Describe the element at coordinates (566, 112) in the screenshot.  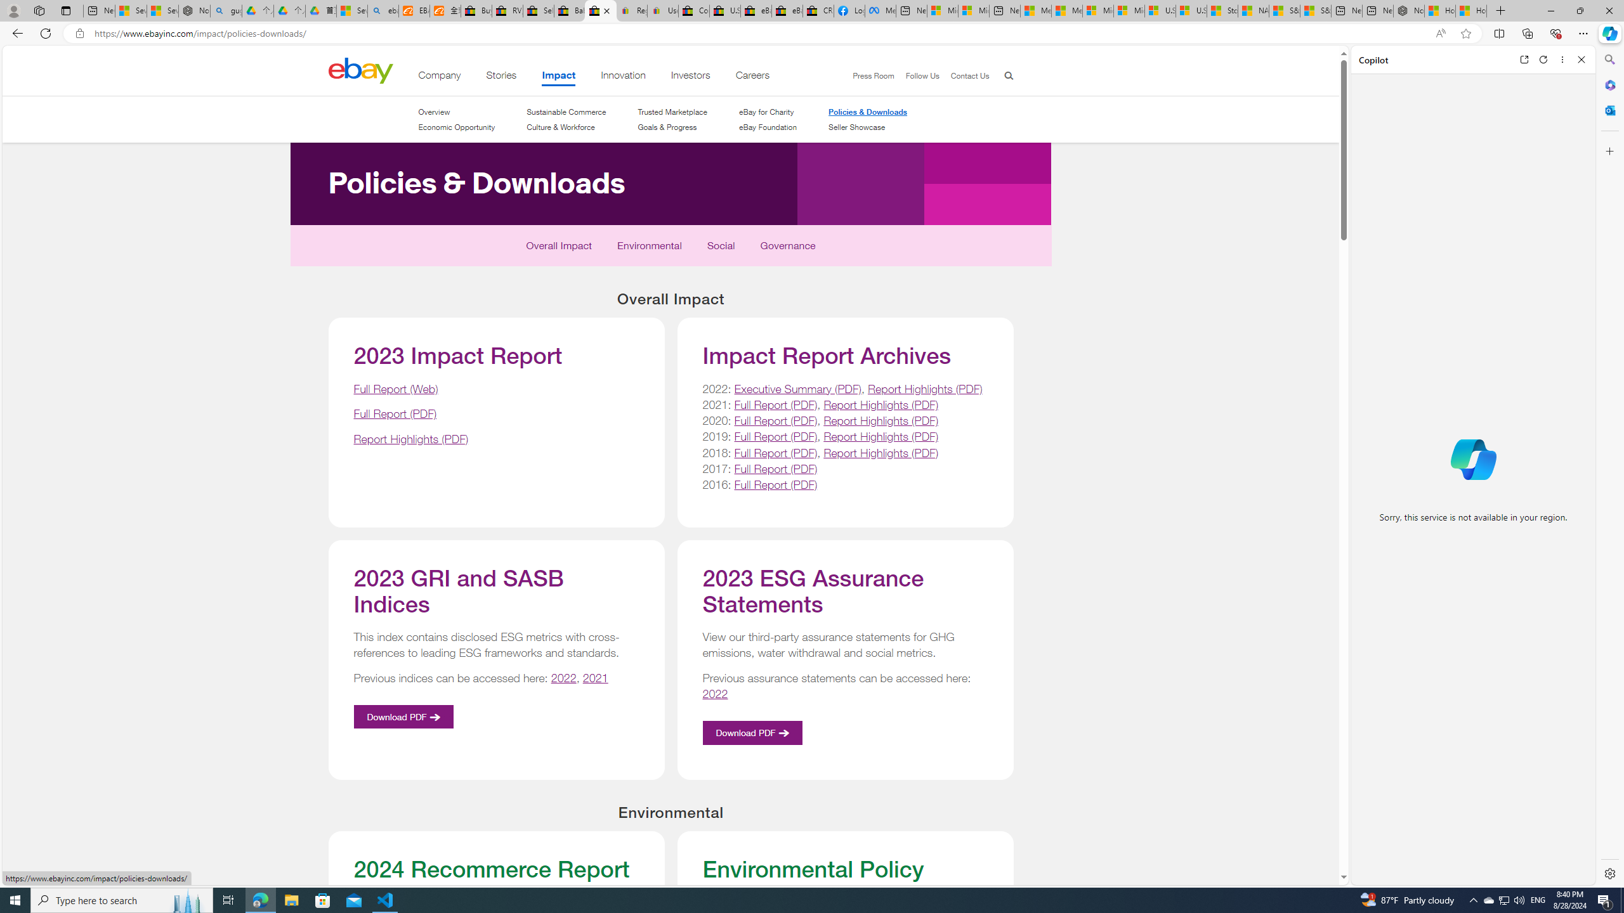
I see `'Sustainable Commerce'` at that location.